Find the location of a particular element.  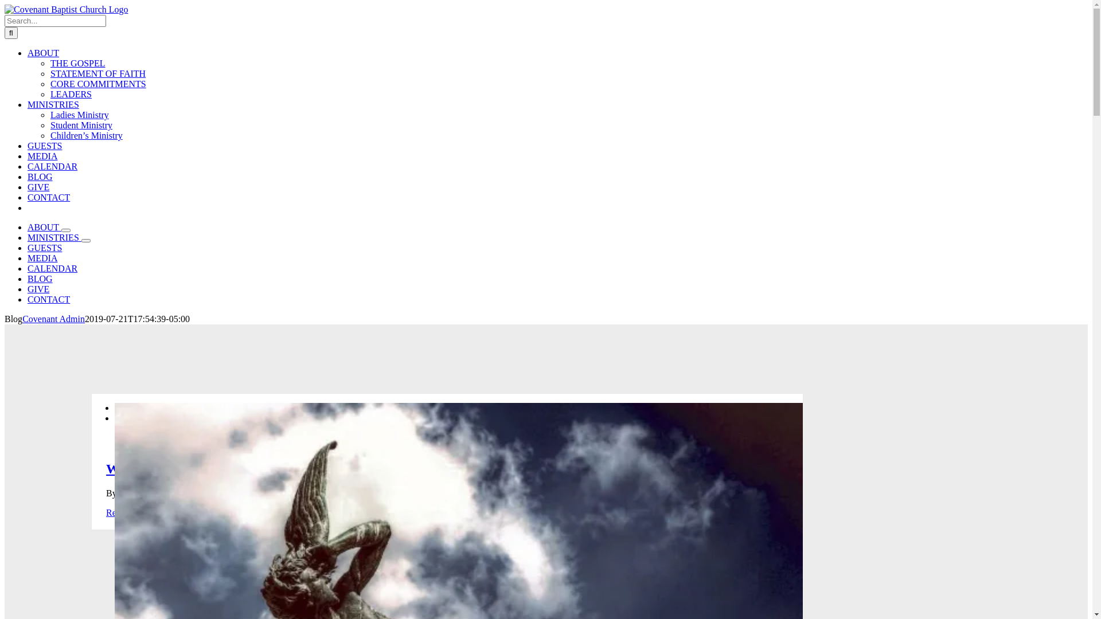

'Interpretation' is located at coordinates (322, 492).